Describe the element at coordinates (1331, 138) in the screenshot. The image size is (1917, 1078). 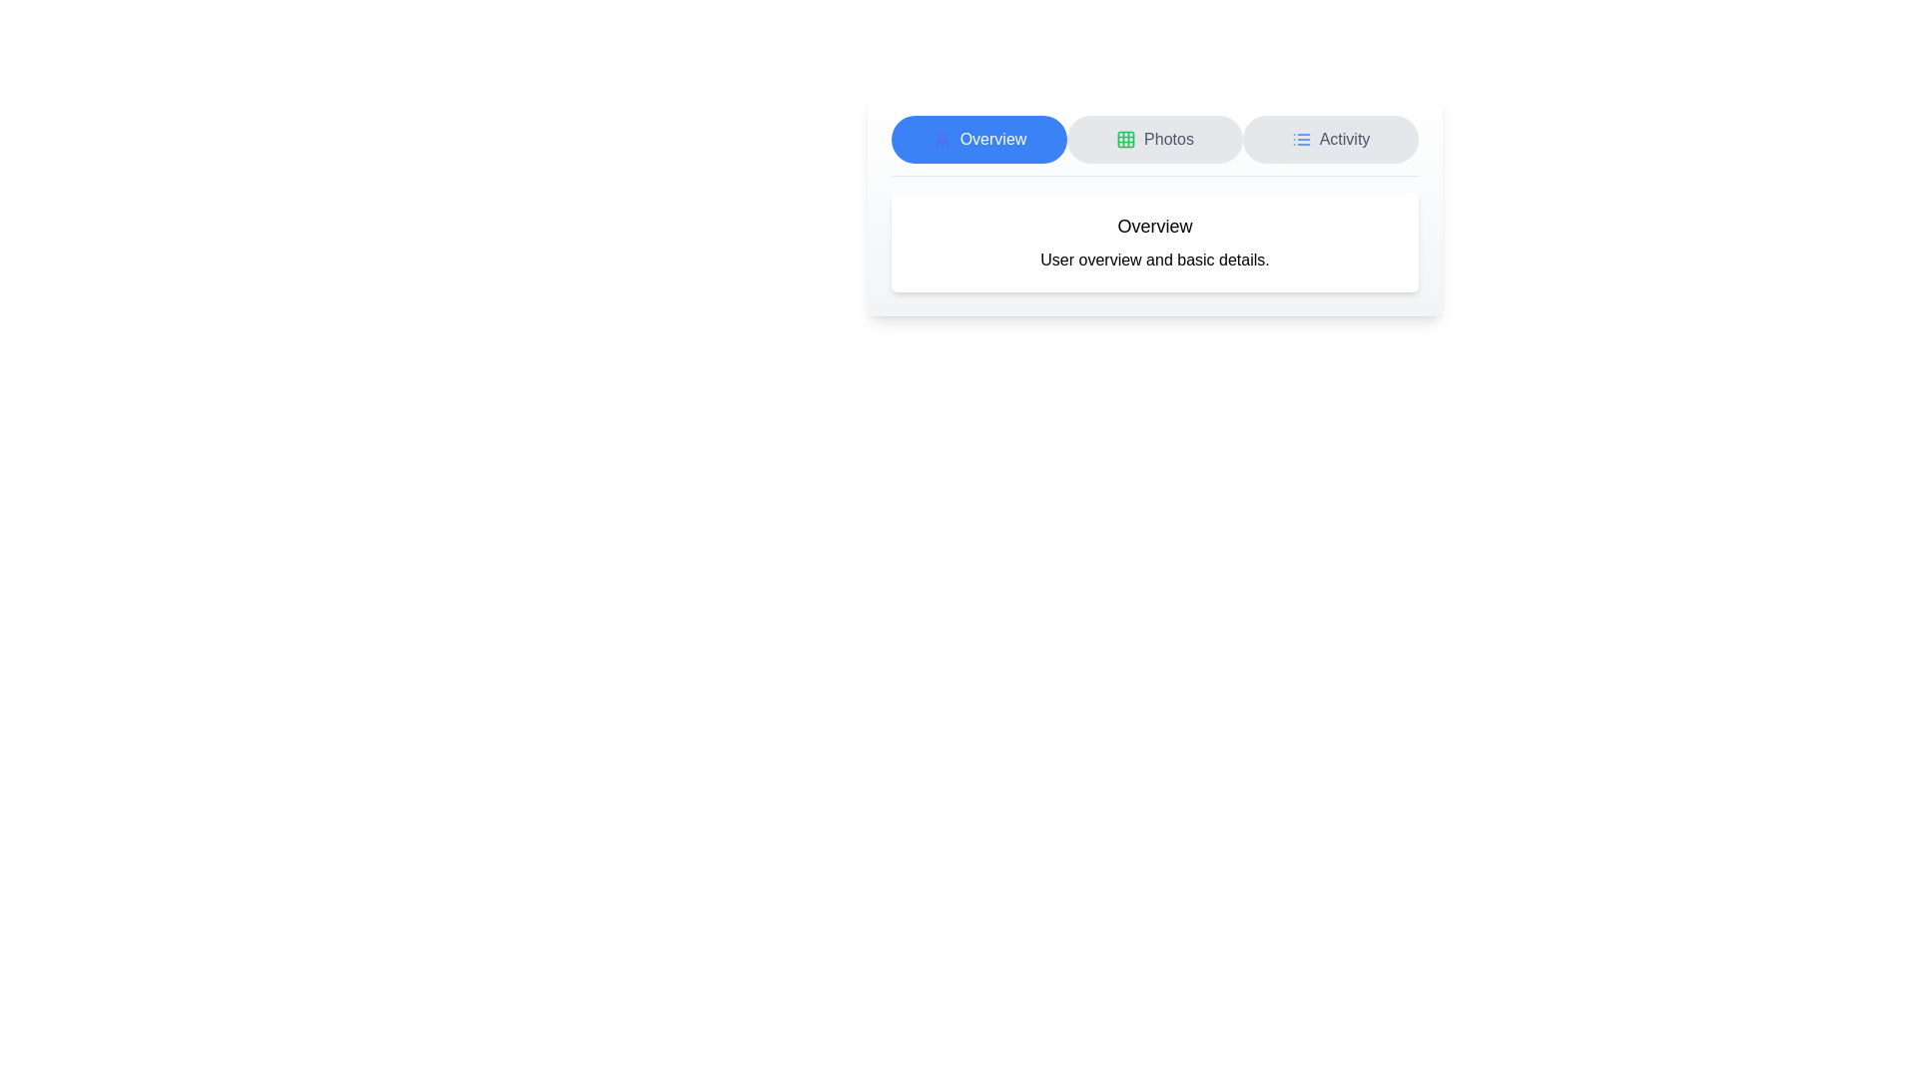
I see `the tab labeled Activity to observe its hover state` at that location.